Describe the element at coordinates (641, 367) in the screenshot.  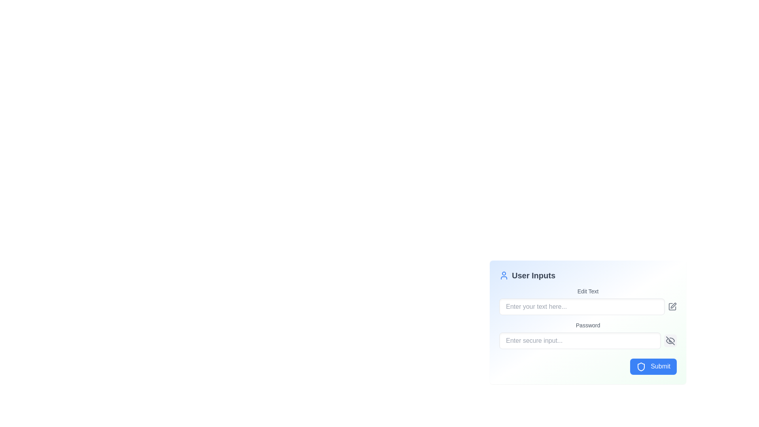
I see `the 'Submit' button which contains a shield-like icon at the bottom-right corner of the form` at that location.